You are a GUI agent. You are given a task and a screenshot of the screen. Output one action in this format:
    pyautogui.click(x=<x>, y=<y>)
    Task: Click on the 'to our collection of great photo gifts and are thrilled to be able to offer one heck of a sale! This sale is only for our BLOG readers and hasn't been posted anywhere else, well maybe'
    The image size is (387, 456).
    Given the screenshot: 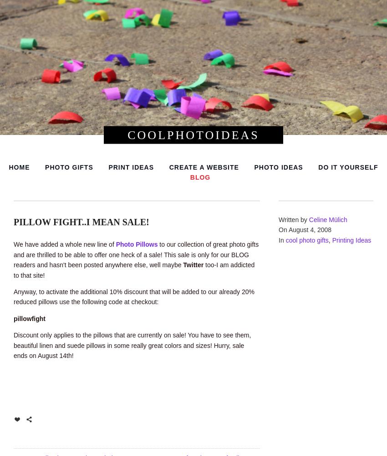 What is the action you would take?
    pyautogui.click(x=136, y=254)
    